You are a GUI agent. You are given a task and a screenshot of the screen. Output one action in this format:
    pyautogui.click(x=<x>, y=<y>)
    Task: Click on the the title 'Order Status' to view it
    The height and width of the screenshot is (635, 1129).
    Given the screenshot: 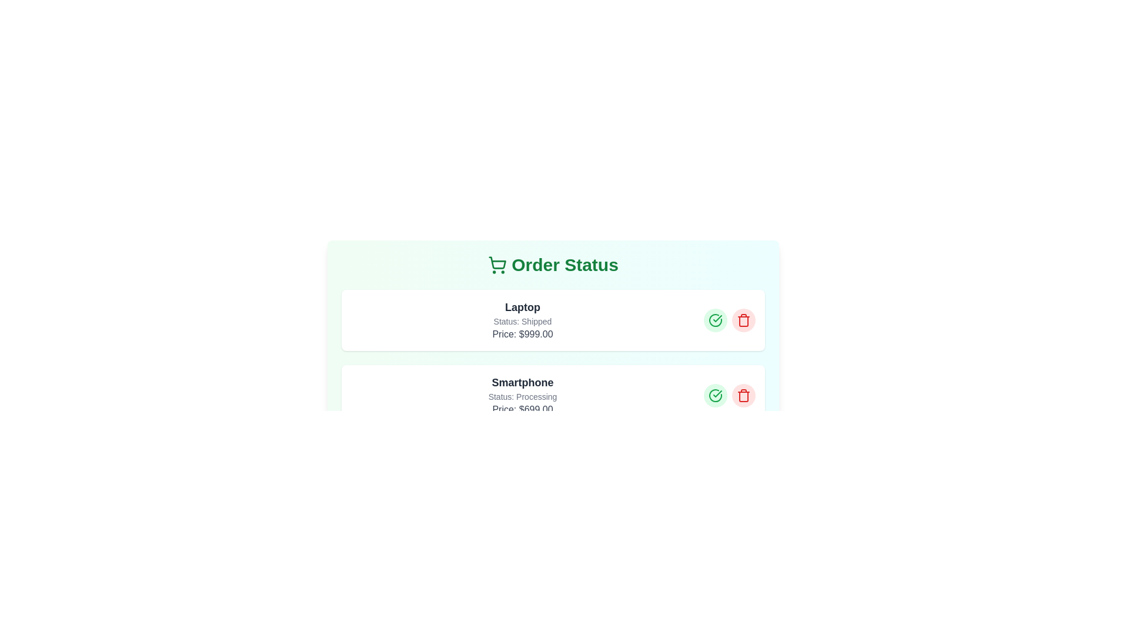 What is the action you would take?
    pyautogui.click(x=552, y=265)
    